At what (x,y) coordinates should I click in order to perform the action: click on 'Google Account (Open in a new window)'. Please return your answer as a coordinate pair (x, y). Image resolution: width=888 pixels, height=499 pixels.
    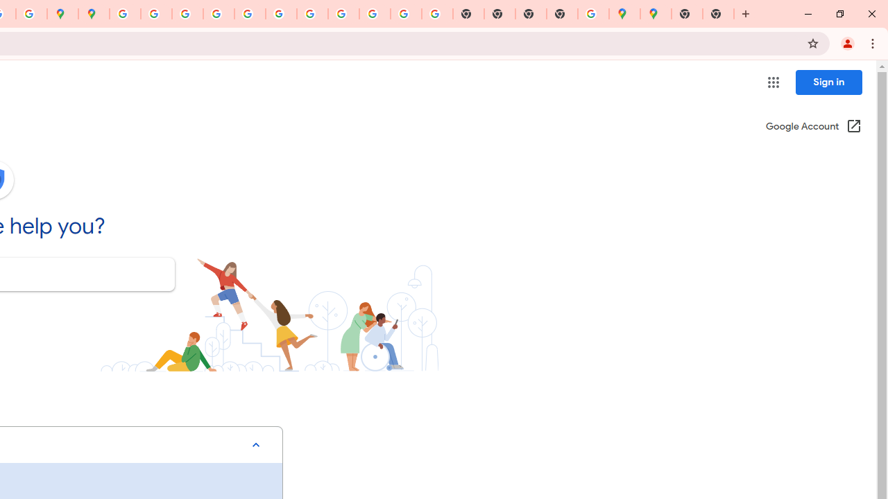
    Looking at the image, I should click on (814, 127).